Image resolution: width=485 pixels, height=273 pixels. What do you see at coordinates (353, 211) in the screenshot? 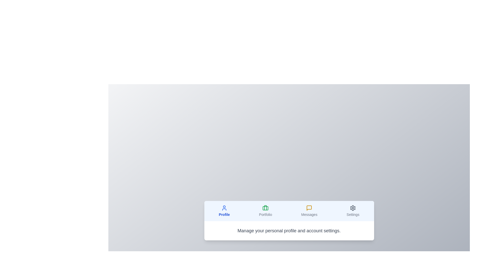
I see `the 'Settings' tab to view its content` at bounding box center [353, 211].